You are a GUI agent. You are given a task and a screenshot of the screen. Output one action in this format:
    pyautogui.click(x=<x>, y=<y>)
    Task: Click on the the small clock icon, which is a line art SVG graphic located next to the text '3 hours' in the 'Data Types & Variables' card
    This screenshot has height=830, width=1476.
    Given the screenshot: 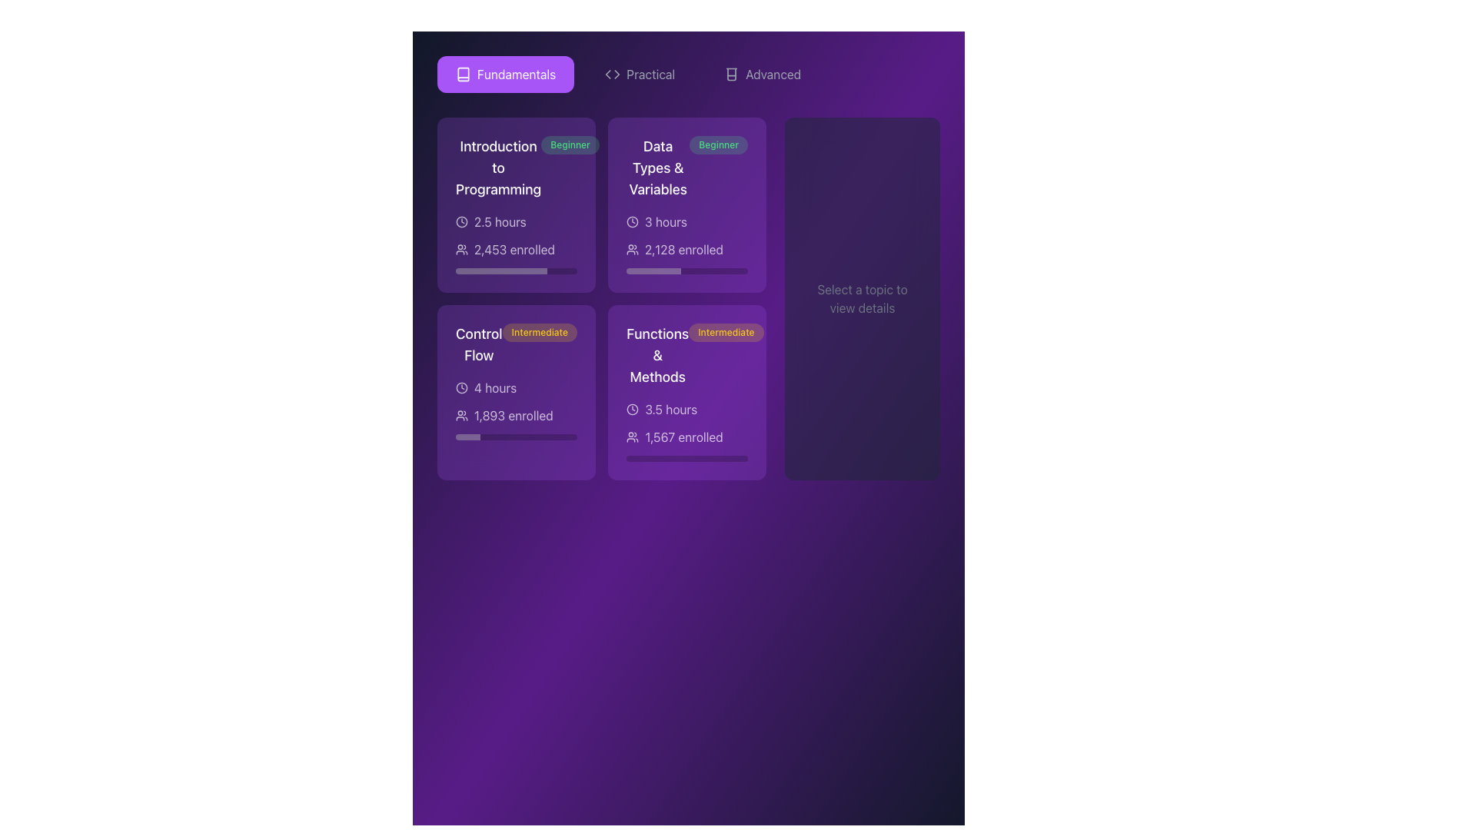 What is the action you would take?
    pyautogui.click(x=632, y=222)
    